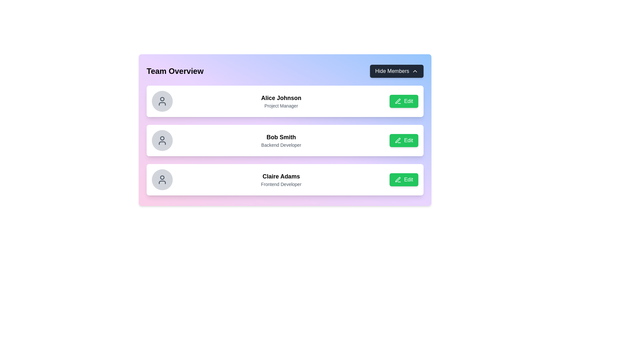 This screenshot has height=353, width=627. What do you see at coordinates (162, 140) in the screenshot?
I see `the user icon representing 'Bob Smith - Backend Developer', which is located` at bounding box center [162, 140].